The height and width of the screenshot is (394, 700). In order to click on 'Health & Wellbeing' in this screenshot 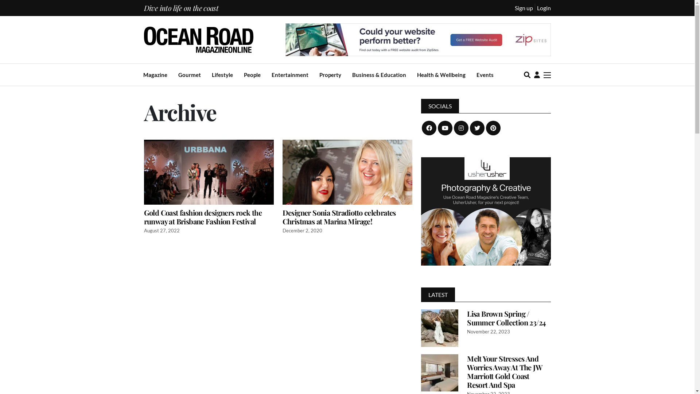, I will do `click(441, 75)`.